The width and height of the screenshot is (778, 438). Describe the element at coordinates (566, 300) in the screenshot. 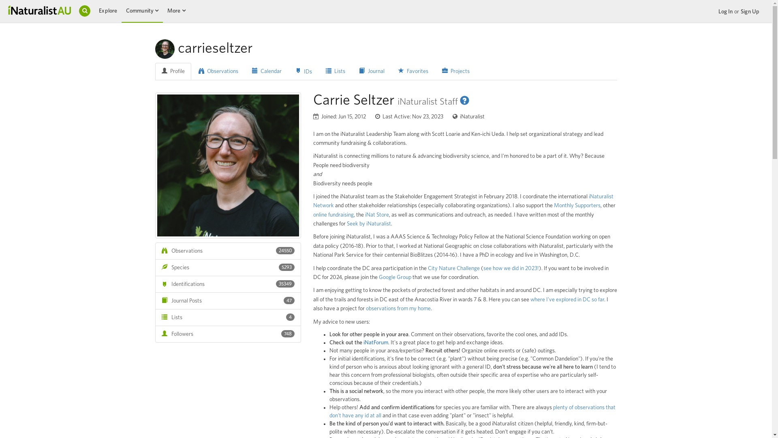

I see `'where I've explored in DC so far'` at that location.